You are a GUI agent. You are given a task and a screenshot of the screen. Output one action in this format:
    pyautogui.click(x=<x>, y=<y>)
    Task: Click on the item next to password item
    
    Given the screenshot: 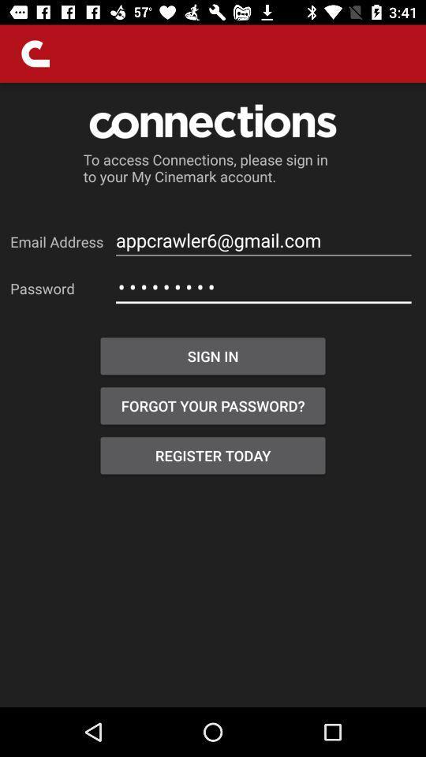 What is the action you would take?
    pyautogui.click(x=263, y=286)
    